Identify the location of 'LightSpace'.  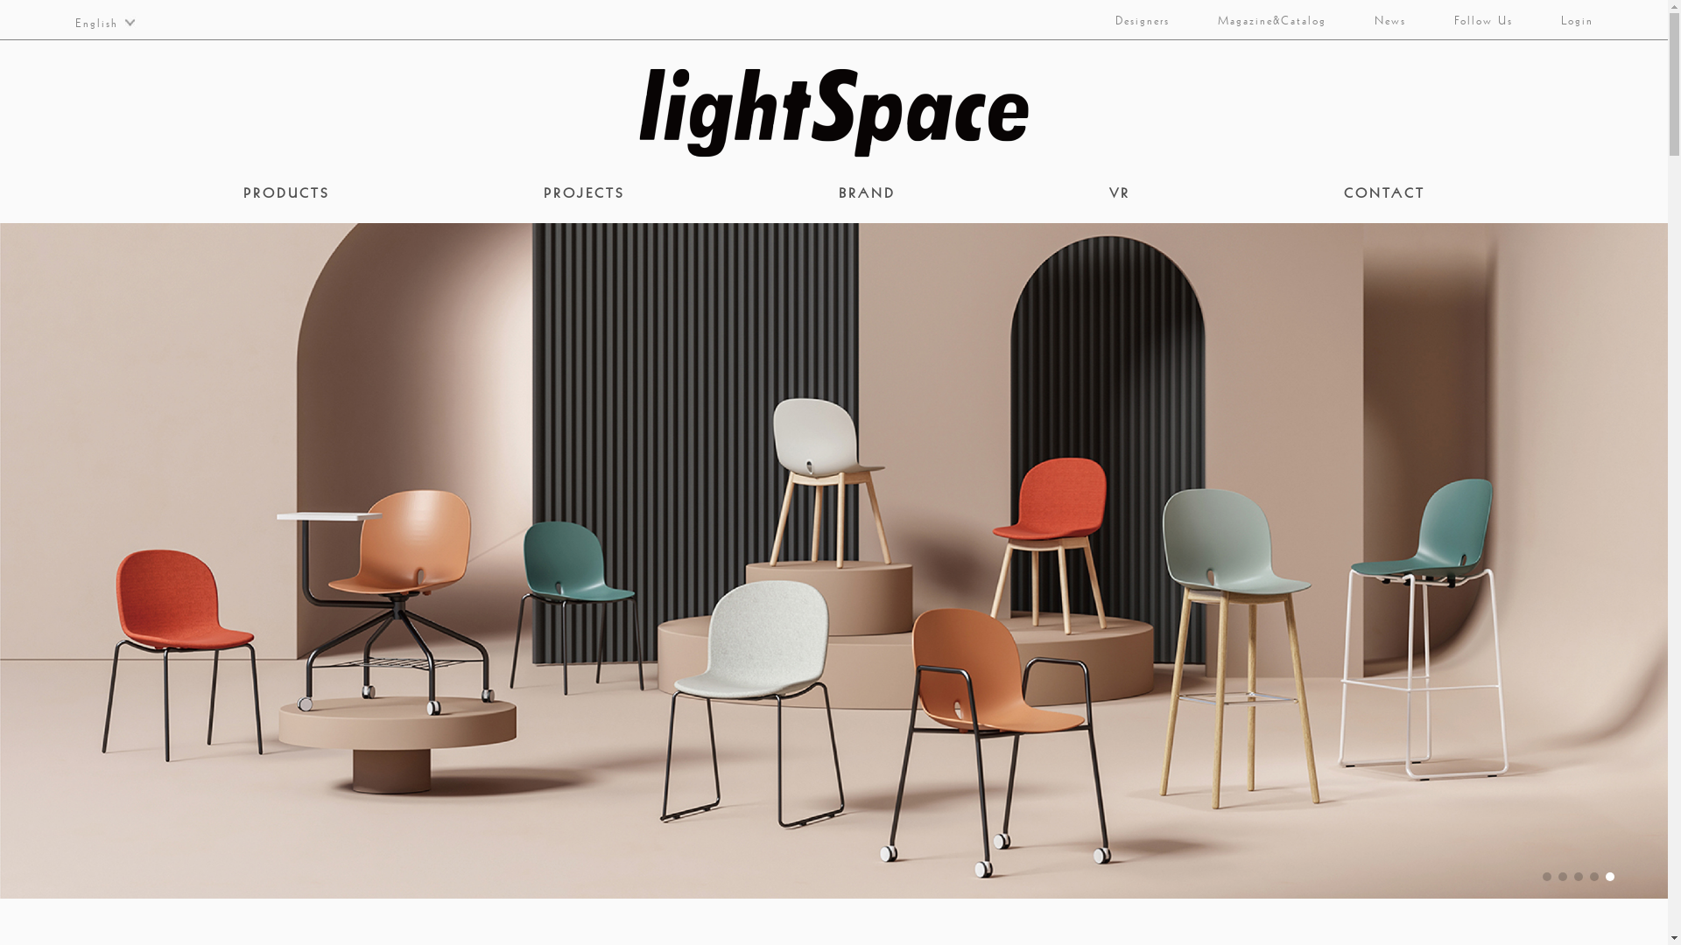
(833, 112).